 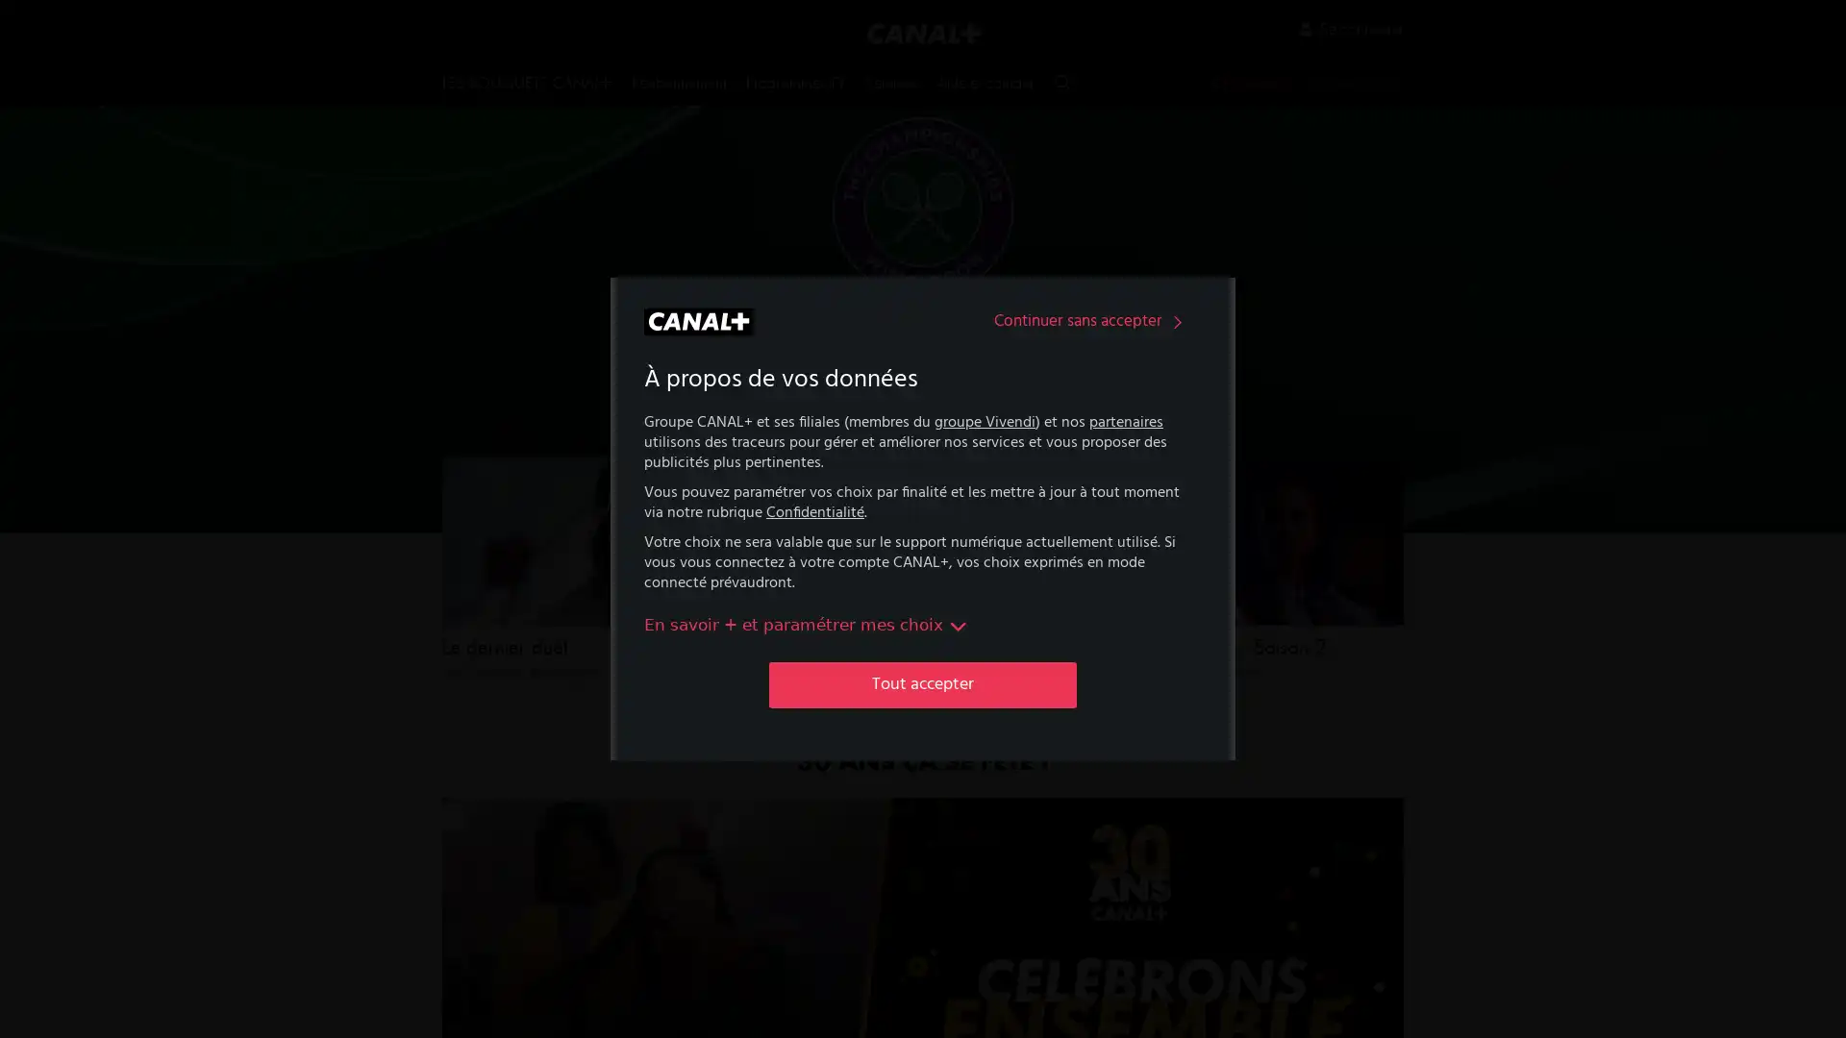 I want to click on Benin, so click(x=738, y=482).